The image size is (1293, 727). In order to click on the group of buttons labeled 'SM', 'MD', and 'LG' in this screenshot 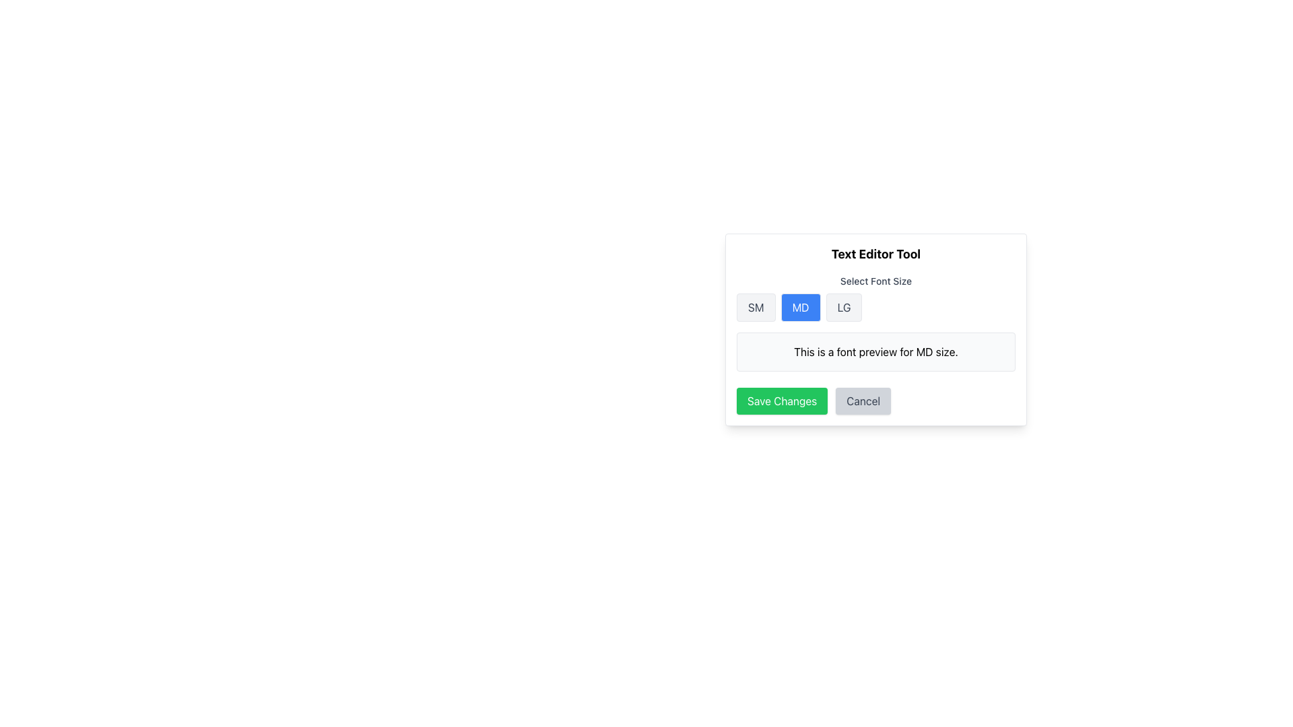, I will do `click(875, 307)`.